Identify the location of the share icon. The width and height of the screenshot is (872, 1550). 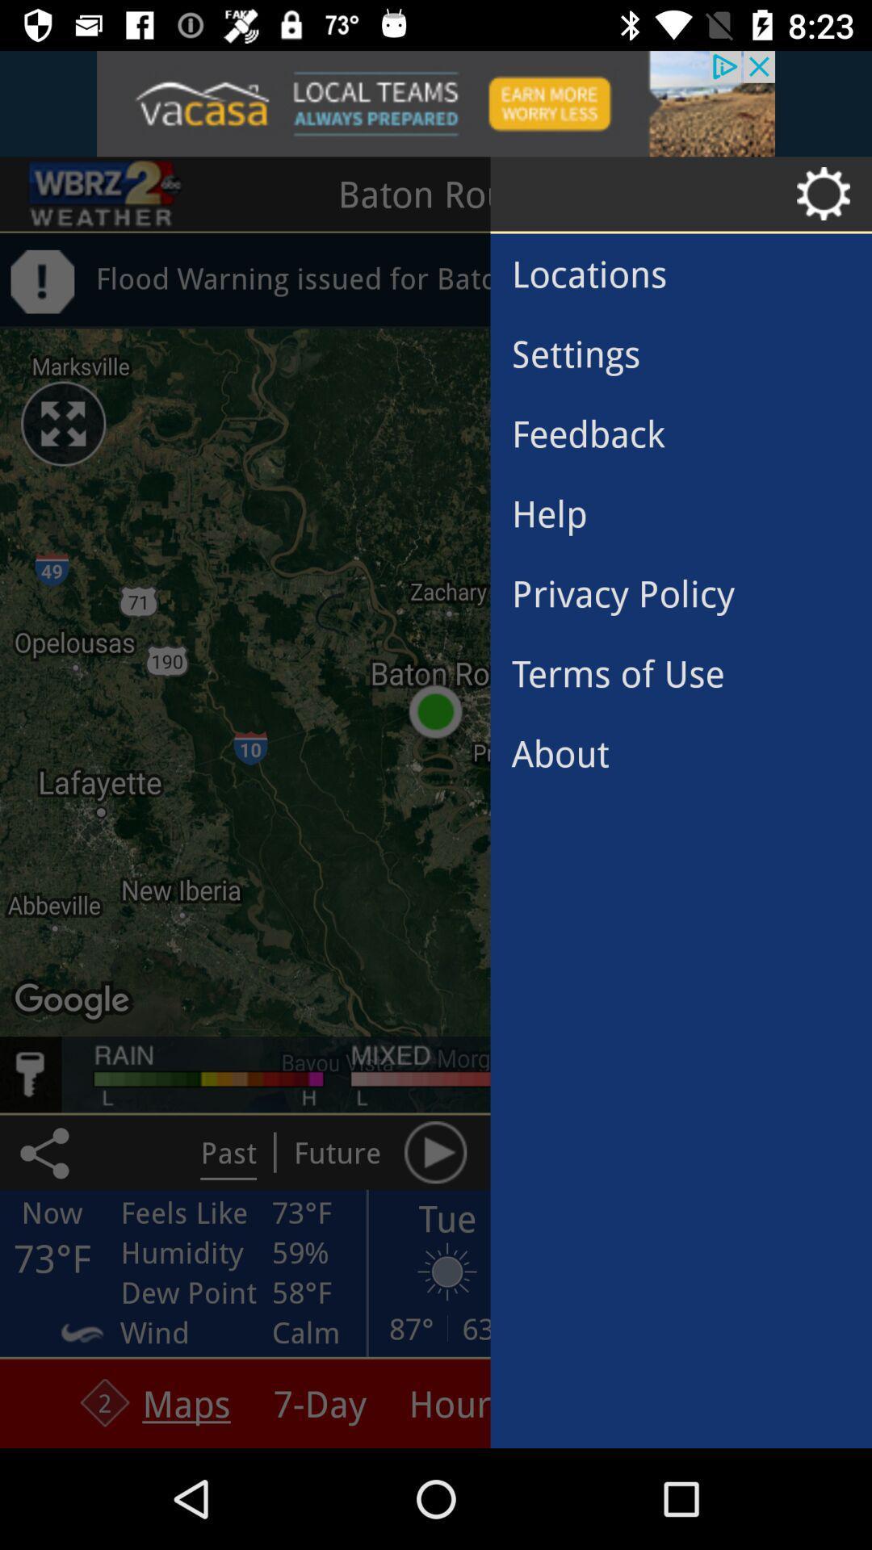
(47, 1151).